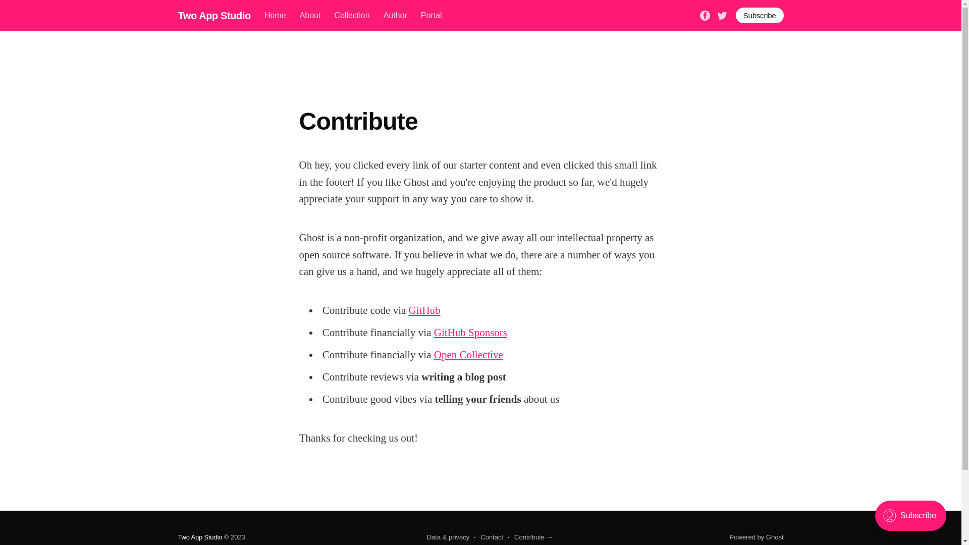  What do you see at coordinates (760, 15) in the screenshot?
I see `'Subscribe'` at bounding box center [760, 15].